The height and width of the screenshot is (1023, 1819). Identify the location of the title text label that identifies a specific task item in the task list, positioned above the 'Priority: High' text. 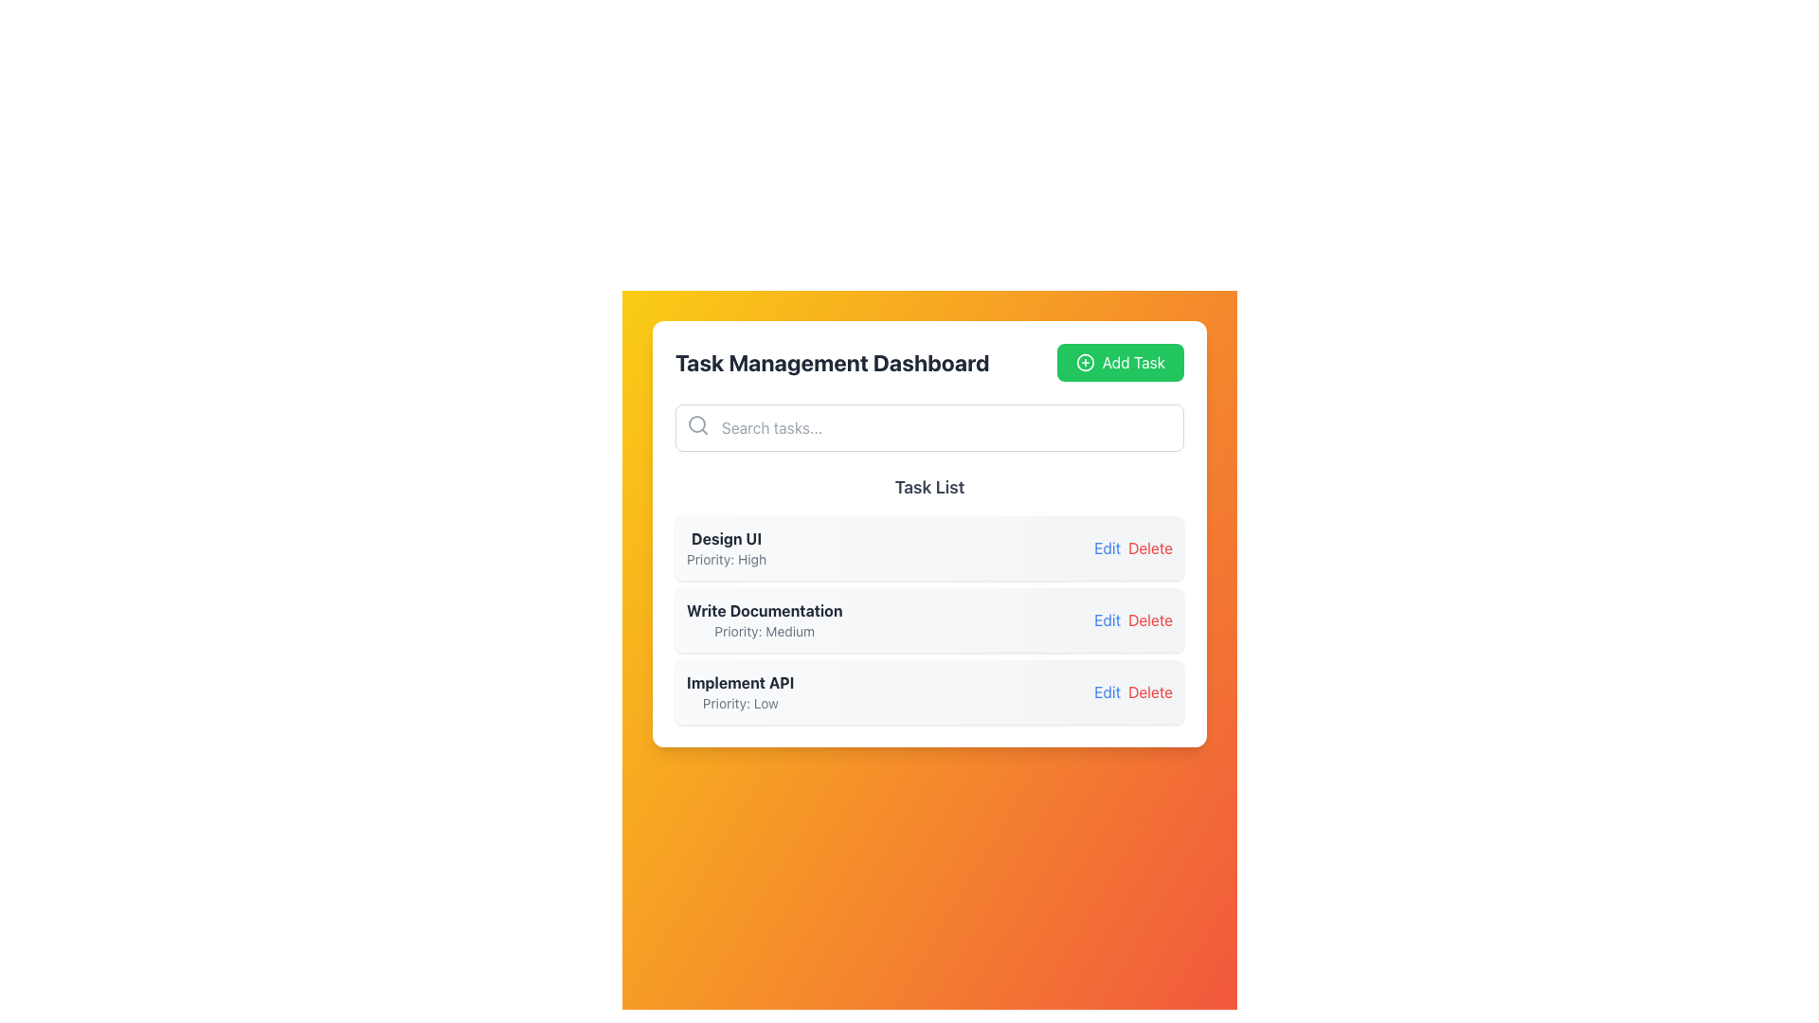
(726, 539).